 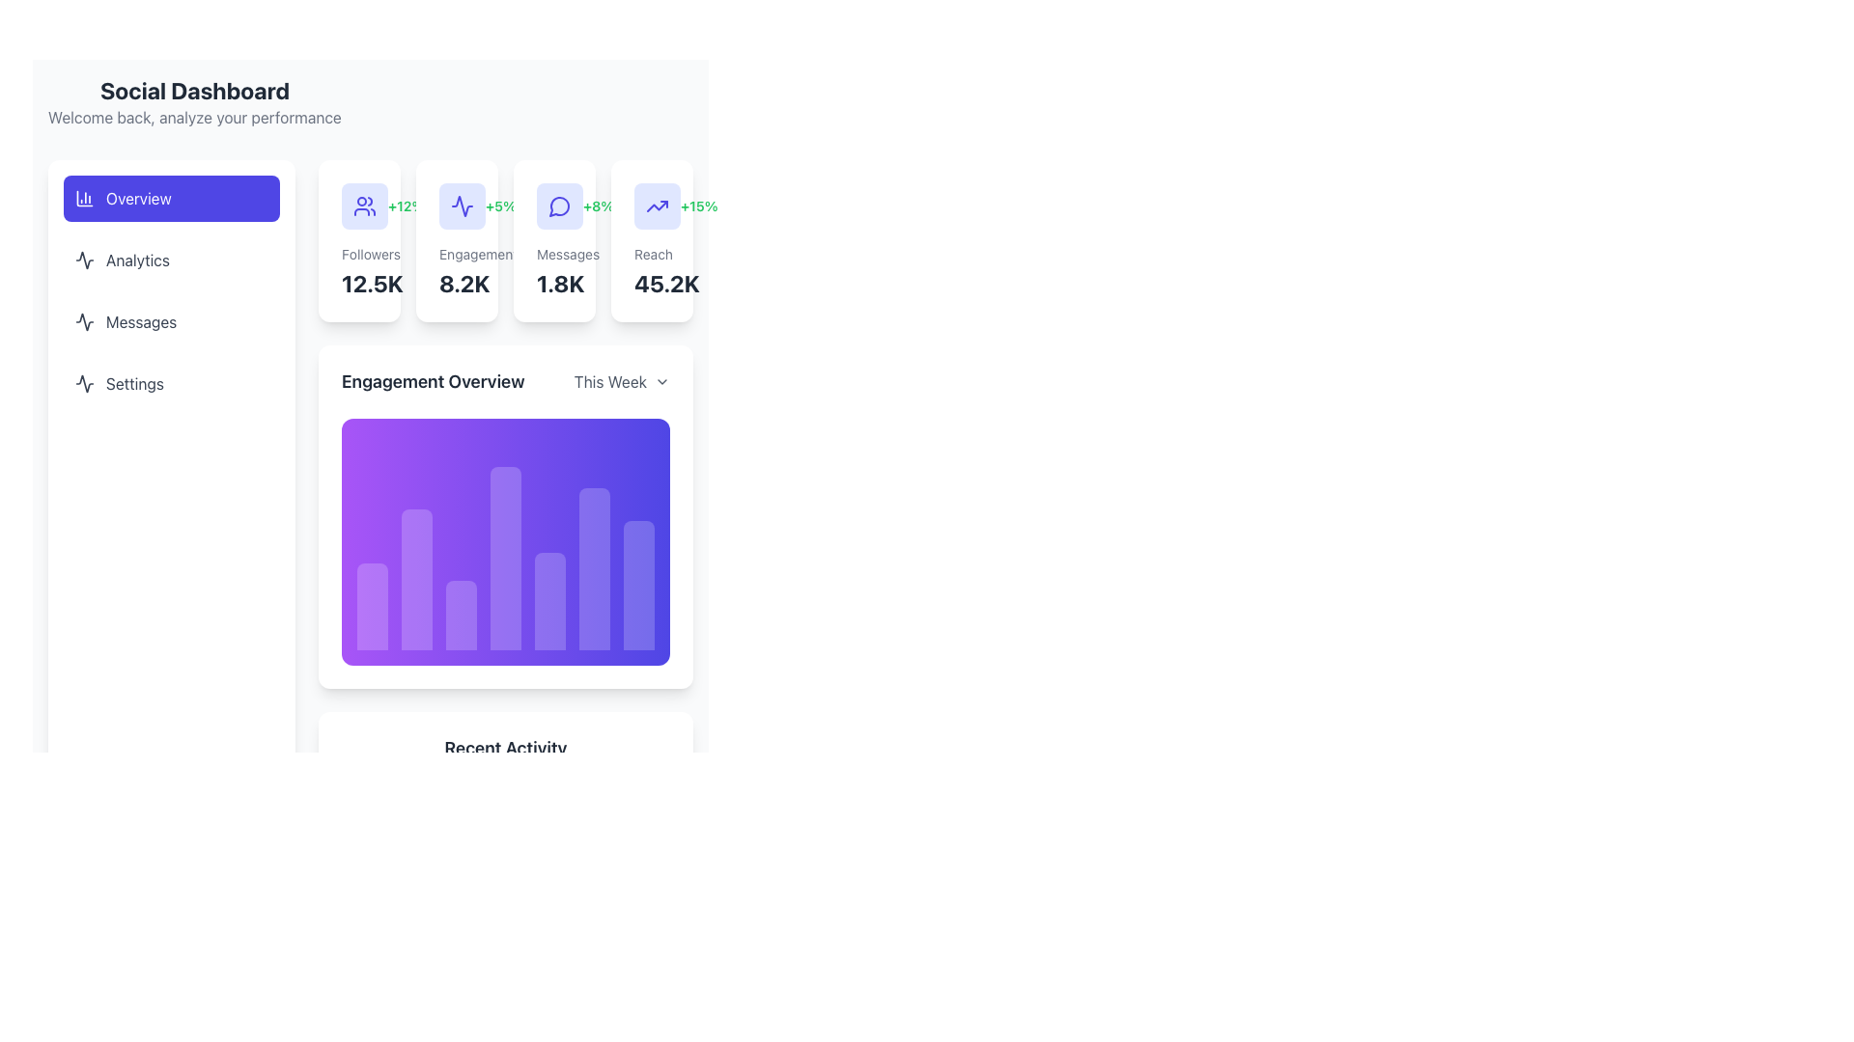 I want to click on the Metric display card that shows the 'Reach' metric, located in the top-right of the grid layout, next to the 'Messages' card, so click(x=652, y=240).